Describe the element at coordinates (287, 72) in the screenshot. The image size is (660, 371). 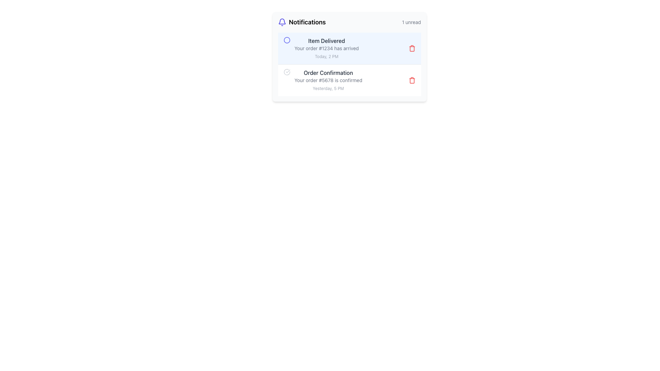
I see `the Status icon, which is a circle with a checkmark inside, indicating the order's completion, located on the left side of the 'Order Confirmation' notification` at that location.